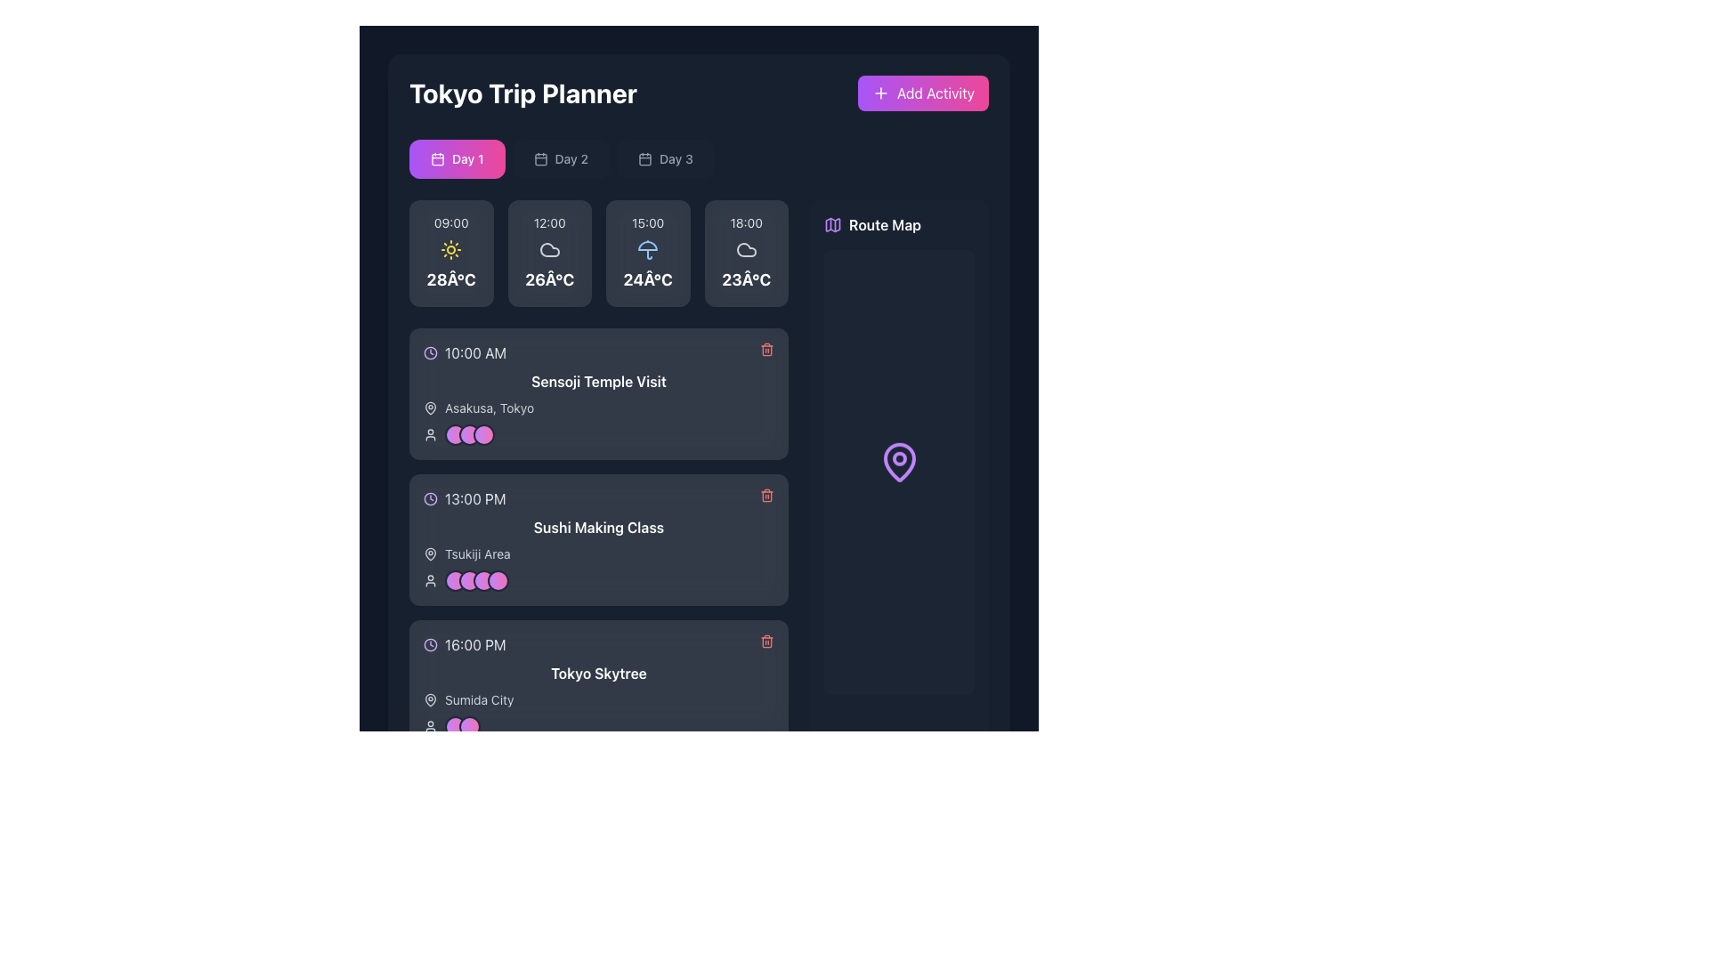 Image resolution: width=1709 pixels, height=961 pixels. Describe the element at coordinates (539, 157) in the screenshot. I see `the decorative calendar icon located near the 'Day 2' button, which serves as a visual cue for scheduling functionality` at that location.